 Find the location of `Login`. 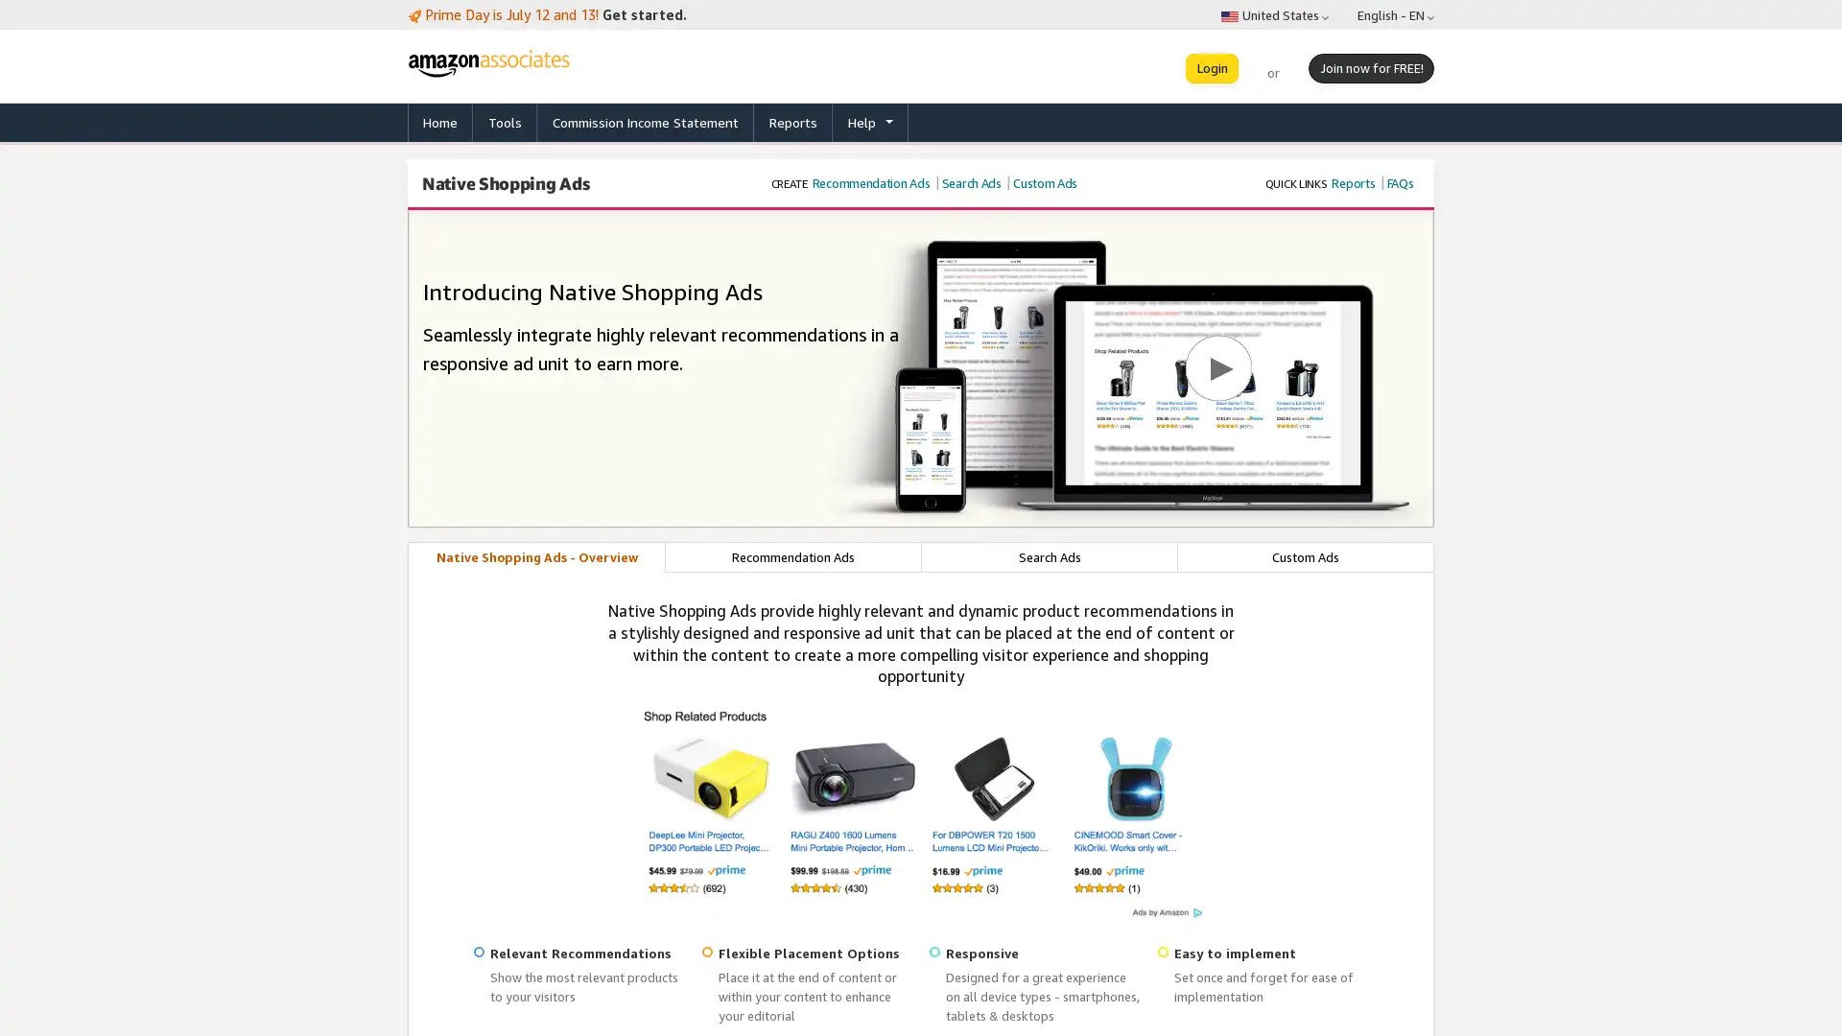

Login is located at coordinates (1211, 67).